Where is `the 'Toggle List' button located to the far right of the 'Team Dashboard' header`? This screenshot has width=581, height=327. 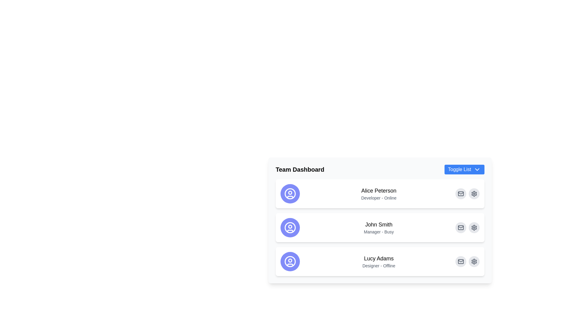
the 'Toggle List' button located to the far right of the 'Team Dashboard' header is located at coordinates (464, 169).